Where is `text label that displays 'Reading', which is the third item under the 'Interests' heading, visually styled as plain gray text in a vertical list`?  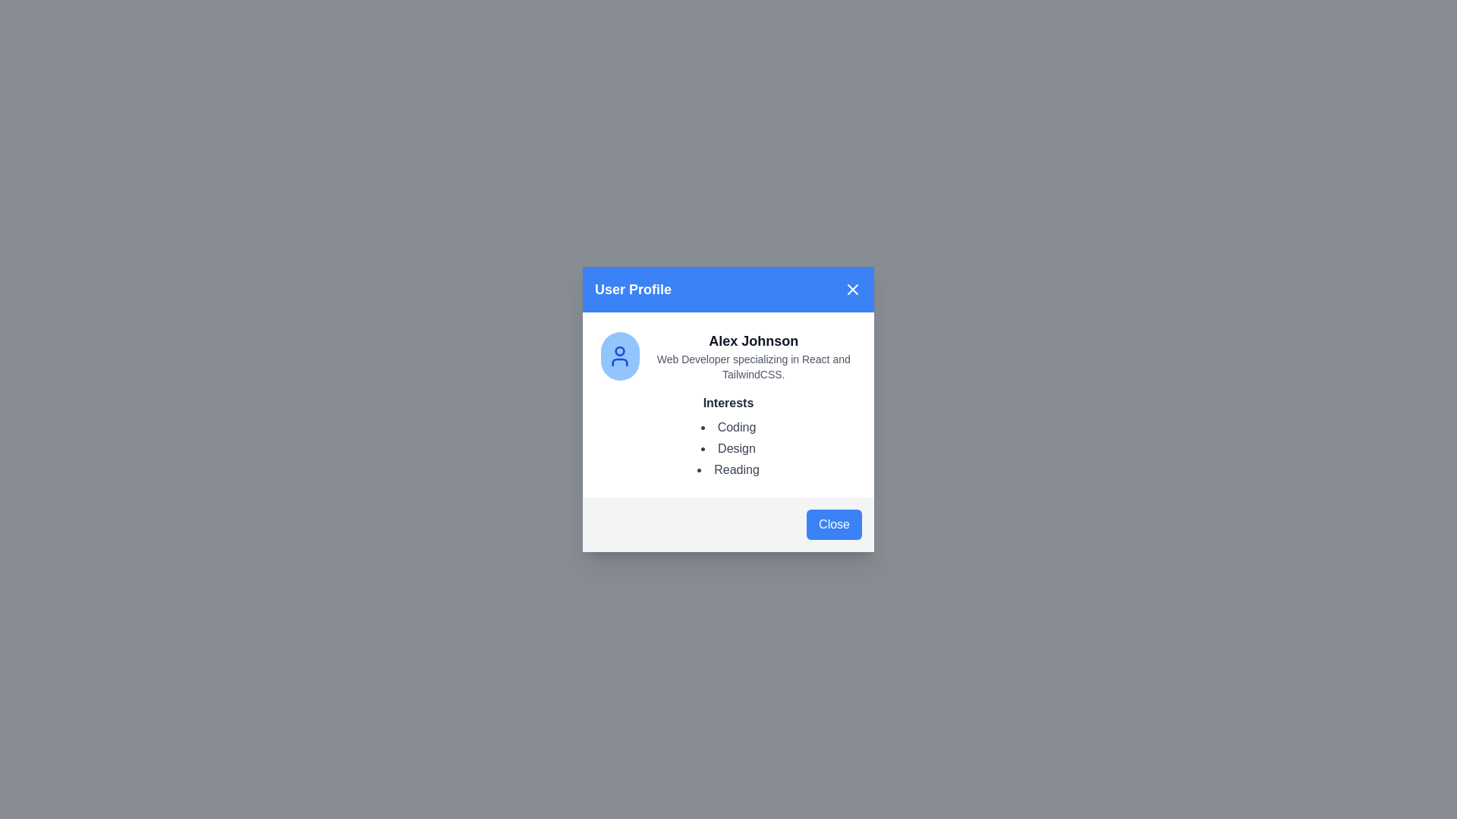 text label that displays 'Reading', which is the third item under the 'Interests' heading, visually styled as plain gray text in a vertical list is located at coordinates (728, 469).